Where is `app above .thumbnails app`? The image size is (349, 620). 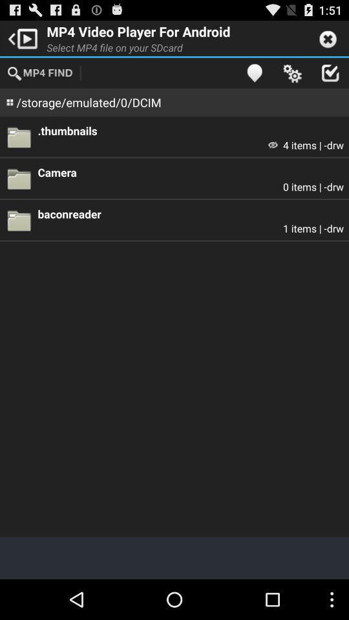
app above .thumbnails app is located at coordinates (292, 72).